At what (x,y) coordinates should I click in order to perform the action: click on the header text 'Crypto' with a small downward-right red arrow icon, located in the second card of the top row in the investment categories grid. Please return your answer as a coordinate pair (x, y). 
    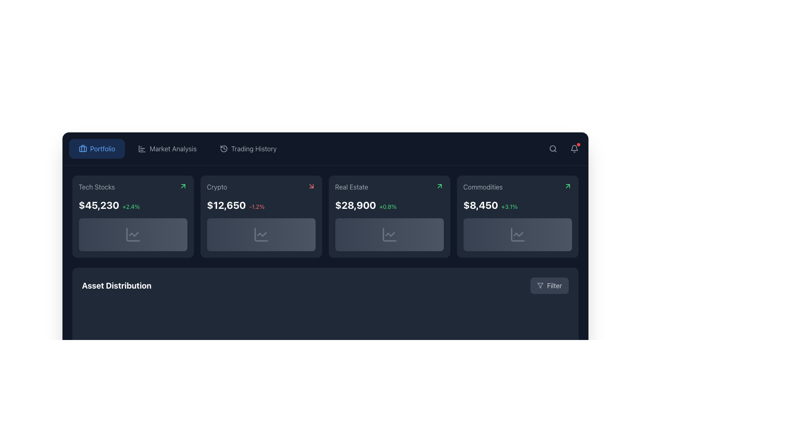
    Looking at the image, I should click on (261, 187).